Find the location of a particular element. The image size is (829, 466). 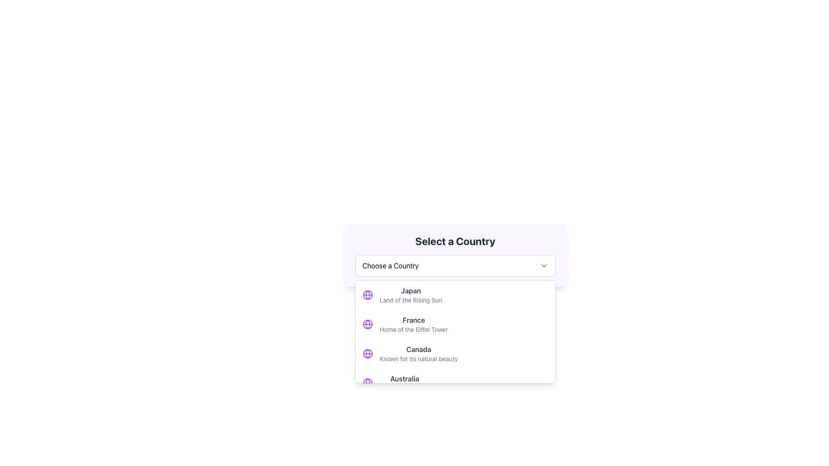

the globe icon representing 'Australia' in the dropdown list under the 'Select a Country' section is located at coordinates (367, 382).